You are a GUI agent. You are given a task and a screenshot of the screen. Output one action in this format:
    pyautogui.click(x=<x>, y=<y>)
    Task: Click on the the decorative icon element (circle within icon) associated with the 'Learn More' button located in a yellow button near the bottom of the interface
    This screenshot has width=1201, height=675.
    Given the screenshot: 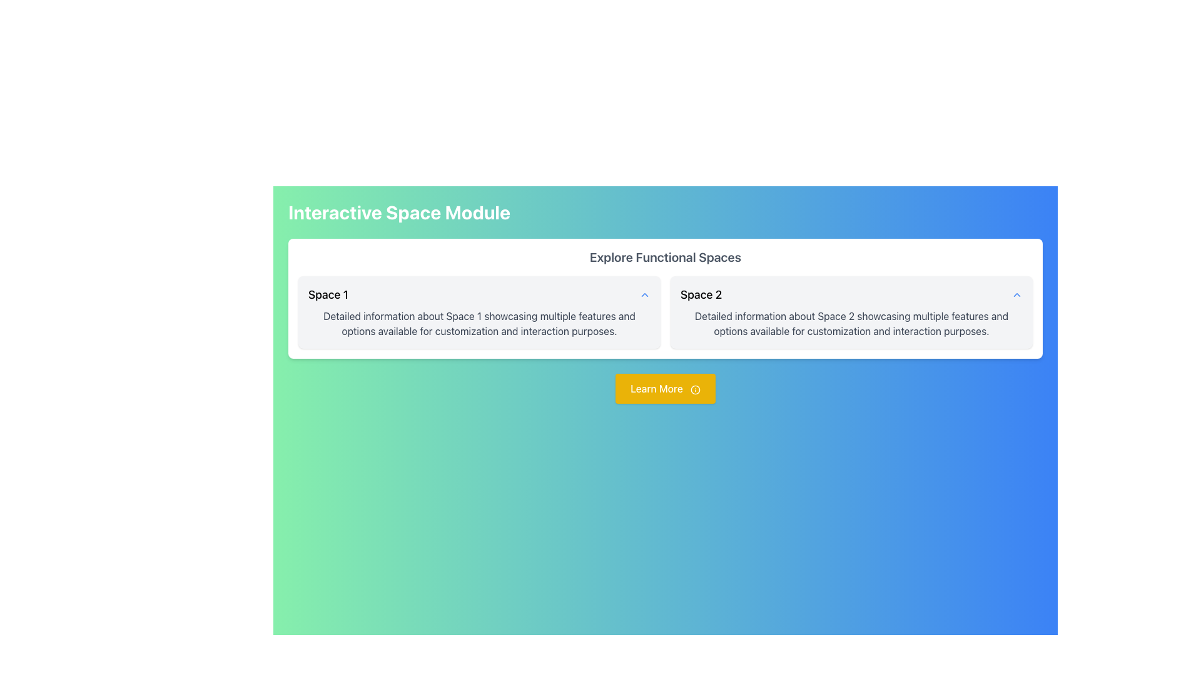 What is the action you would take?
    pyautogui.click(x=694, y=389)
    